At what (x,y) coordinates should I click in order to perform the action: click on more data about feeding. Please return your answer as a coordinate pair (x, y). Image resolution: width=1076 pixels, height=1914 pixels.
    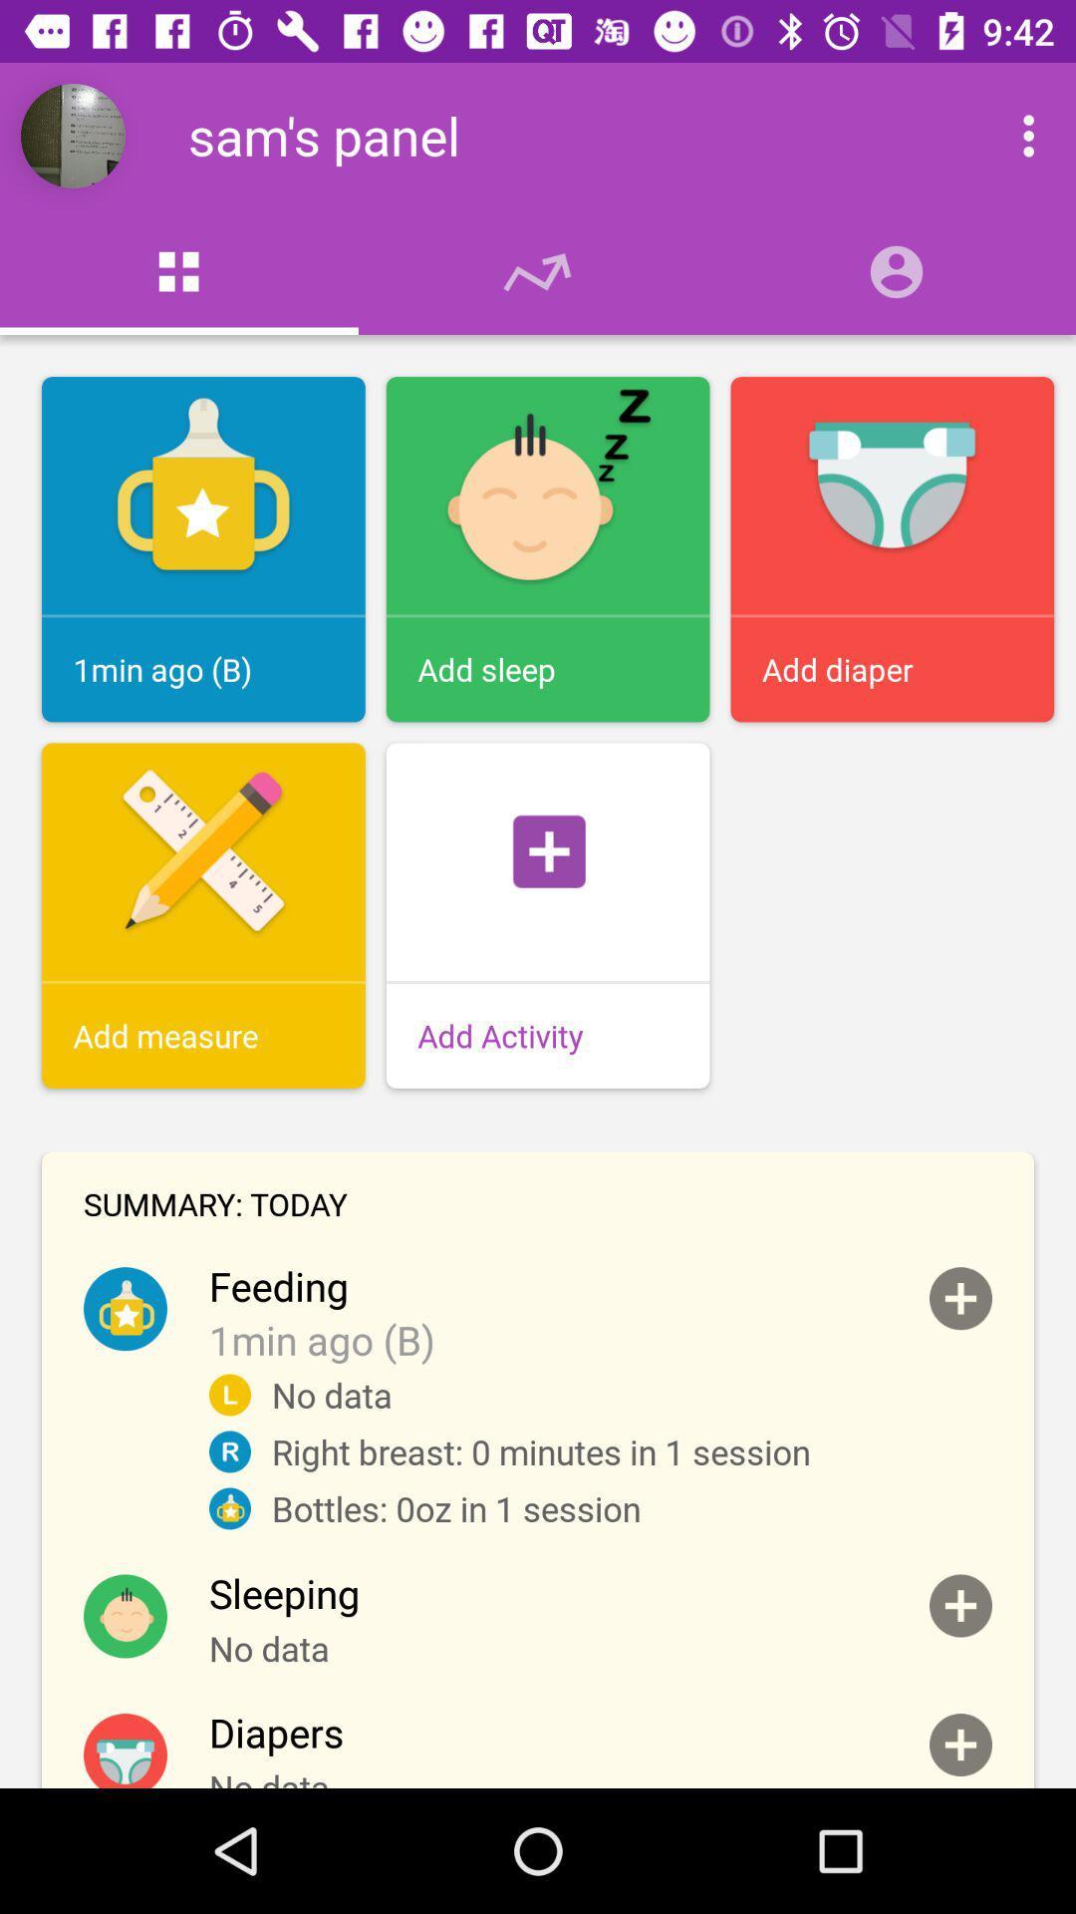
    Looking at the image, I should click on (959, 1298).